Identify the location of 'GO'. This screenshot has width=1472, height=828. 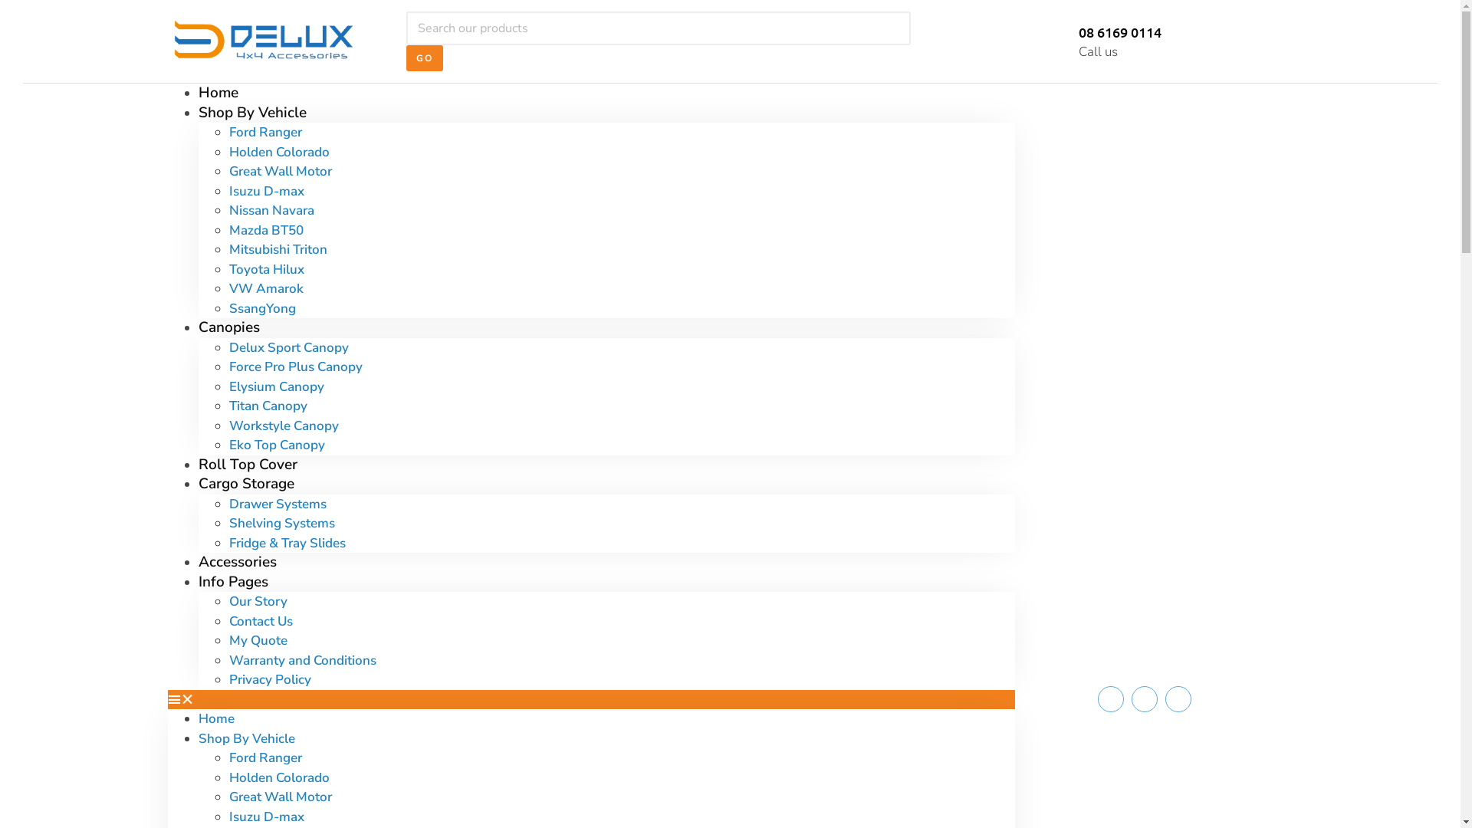
(425, 58).